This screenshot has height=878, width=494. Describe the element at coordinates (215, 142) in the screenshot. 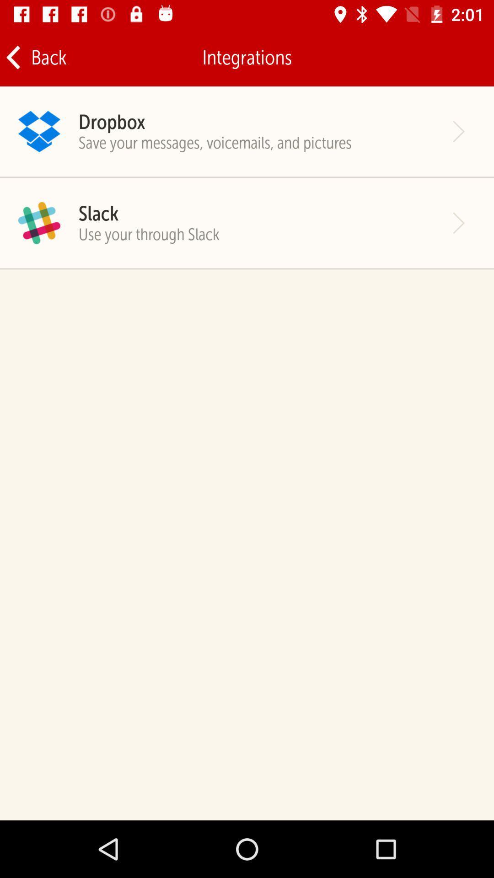

I see `icon above the slack` at that location.